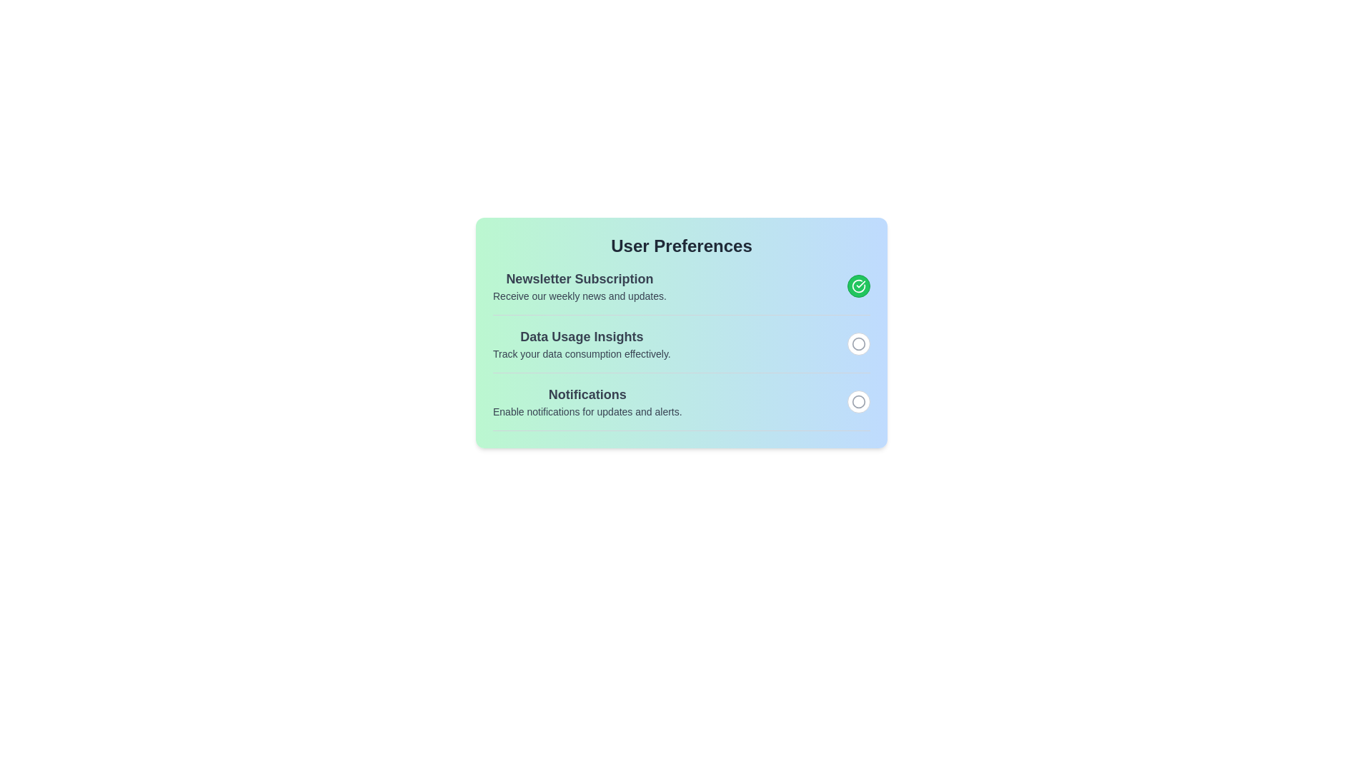  I want to click on the label displaying subscription details for newsletters, which is positioned at the upper portion of the settings layout and aligned to the left, so click(580, 286).